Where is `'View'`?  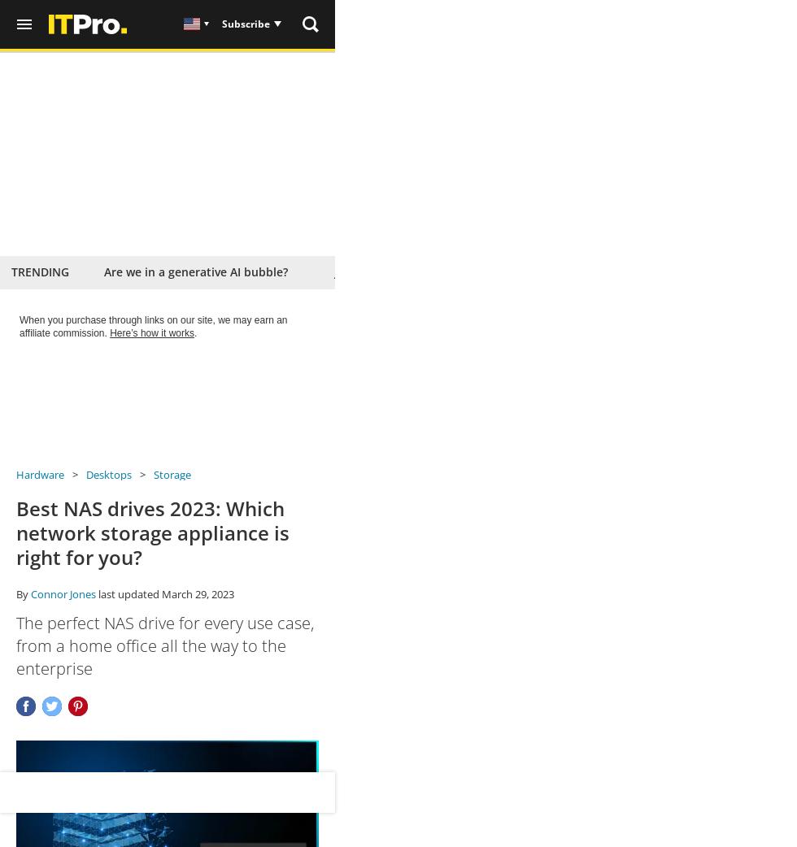 'View' is located at coordinates (167, 440).